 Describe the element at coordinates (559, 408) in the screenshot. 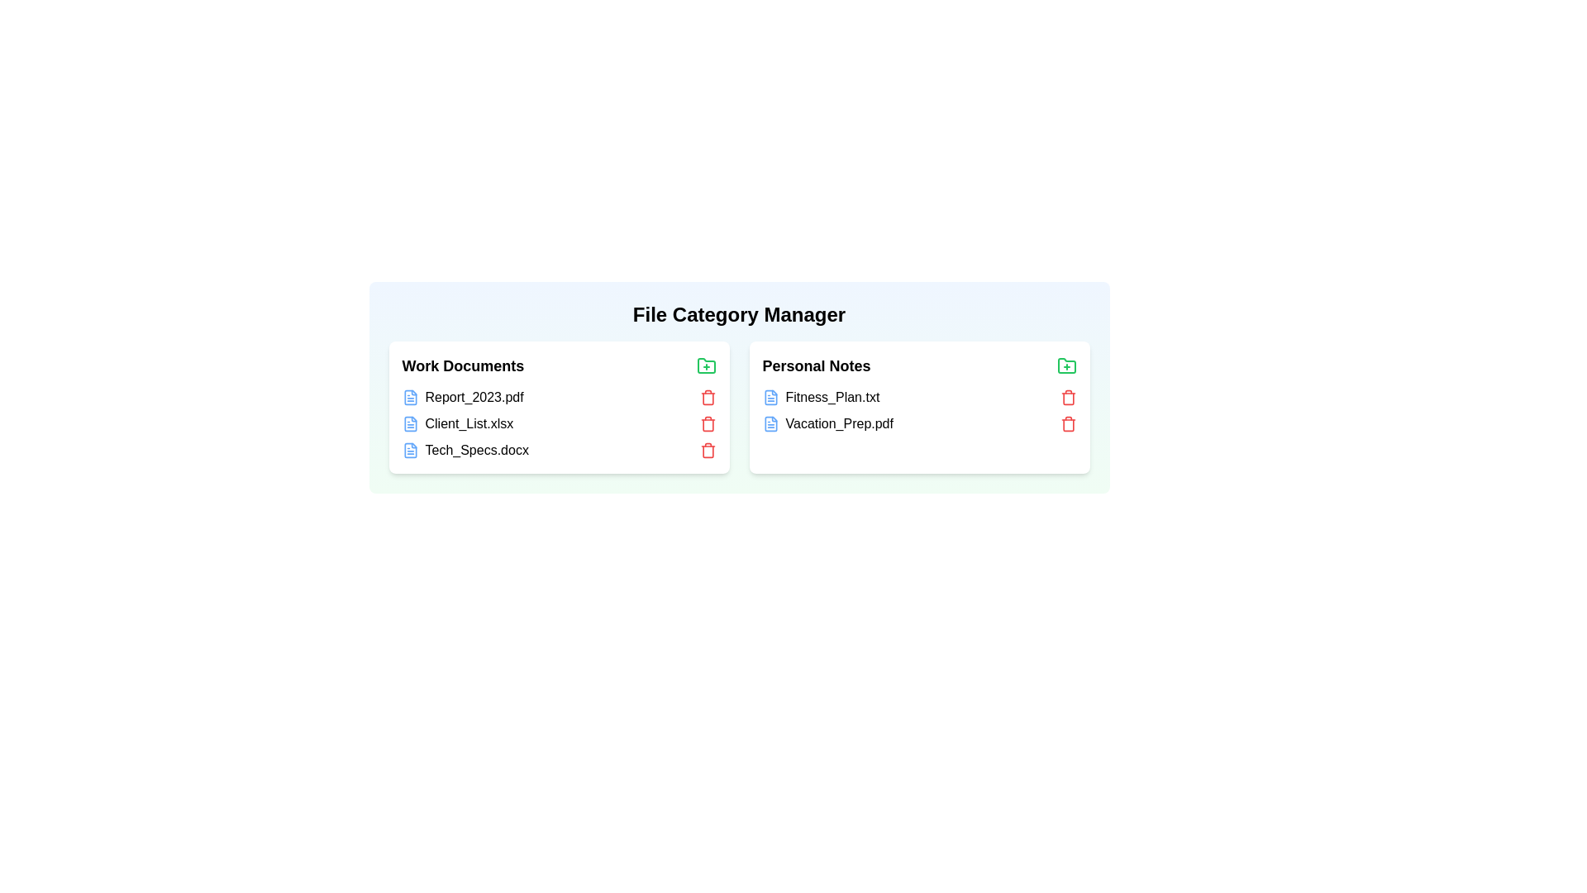

I see `the category card labeled 'Work Documents' to highlight it` at that location.